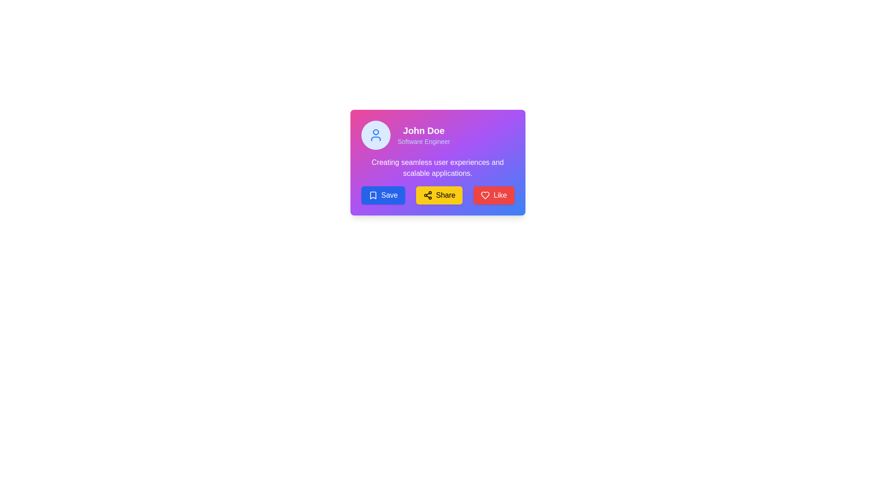  What do you see at coordinates (373, 195) in the screenshot?
I see `the bookmark icon located at the top portion of the buttons within the user profile card` at bounding box center [373, 195].